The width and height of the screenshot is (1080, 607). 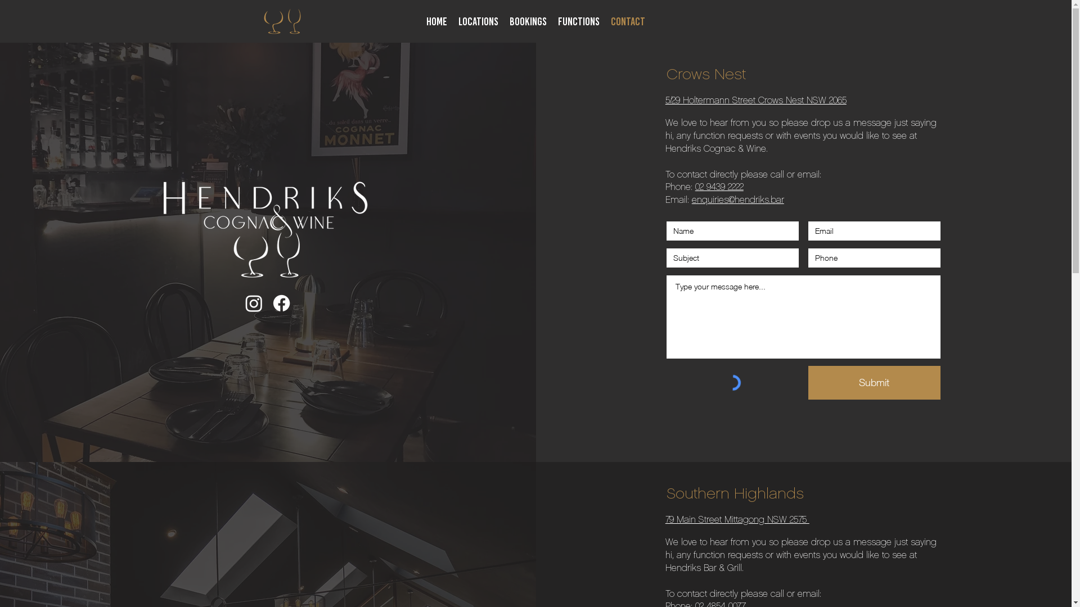 What do you see at coordinates (756, 100) in the screenshot?
I see `'5/29 Holtermann Street Crows Nest NSW 2065'` at bounding box center [756, 100].